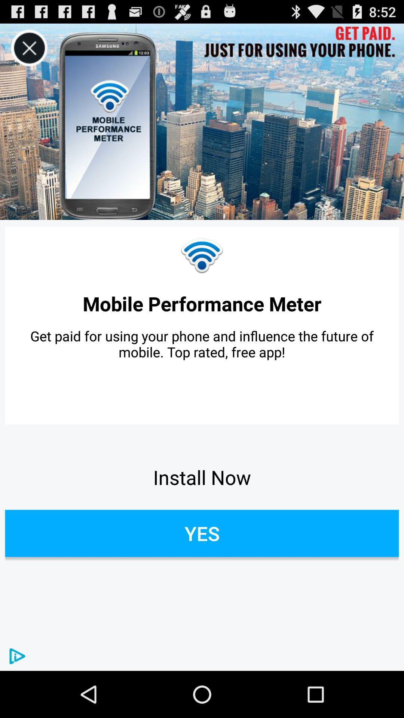 The image size is (404, 718). Describe the element at coordinates (202, 303) in the screenshot. I see `mobile performance meter app` at that location.